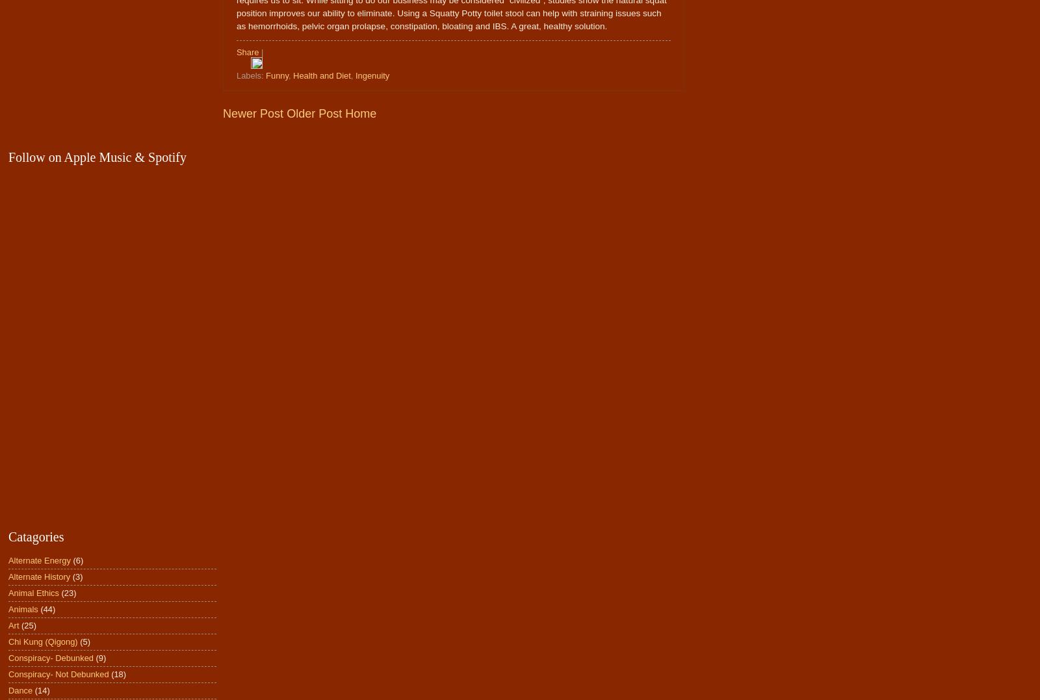  Describe the element at coordinates (77, 577) in the screenshot. I see `'(3)'` at that location.